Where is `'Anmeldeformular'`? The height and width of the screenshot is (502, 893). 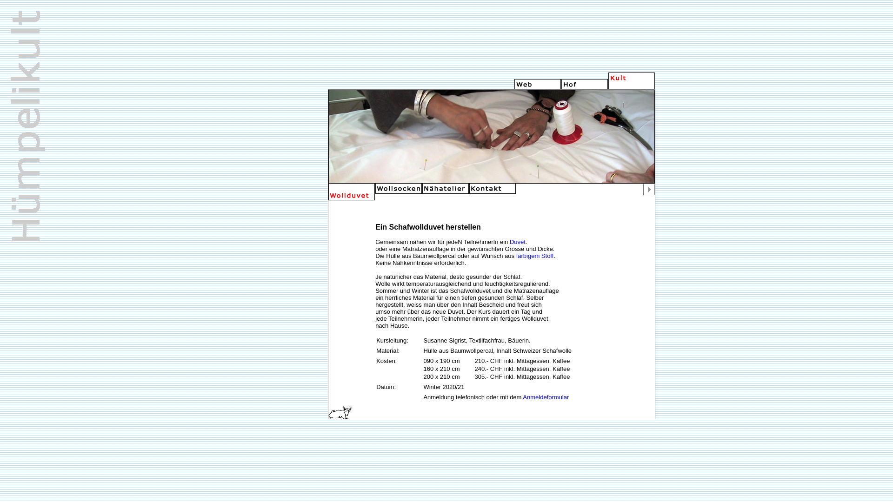 'Anmeldeformular' is located at coordinates (546, 397).